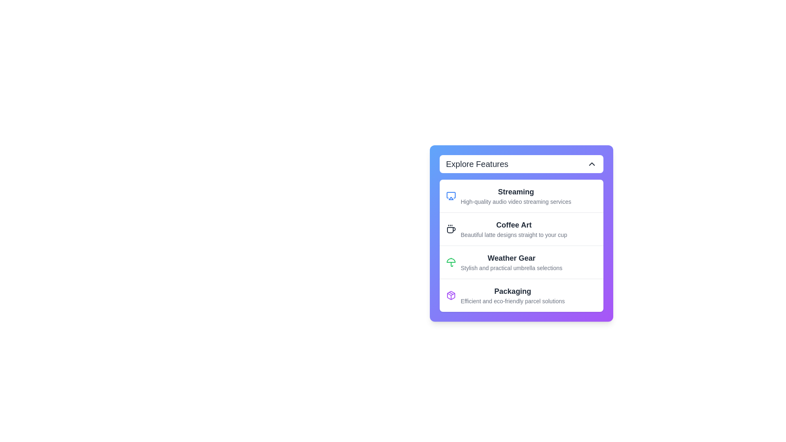  I want to click on the polygonal icon resembling a box, rendered in a purple tint, located next to the 'Packaging' text in the feature list, so click(450, 295).